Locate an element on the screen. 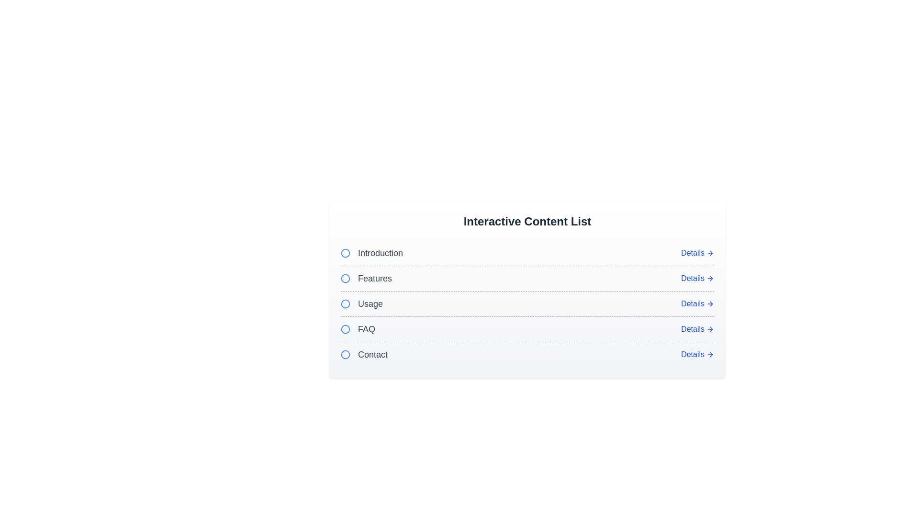 The width and height of the screenshot is (919, 517). the blue text label 'Details' with an arrow icon in the 'Usage' row is located at coordinates (697, 304).